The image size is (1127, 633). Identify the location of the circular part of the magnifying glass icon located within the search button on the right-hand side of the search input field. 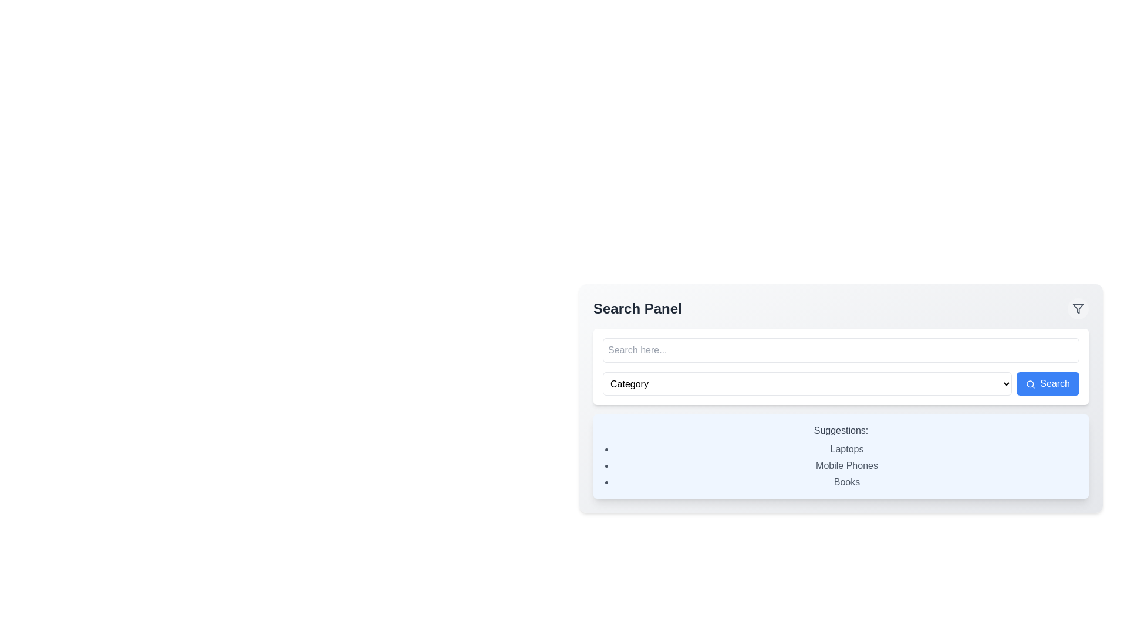
(1030, 384).